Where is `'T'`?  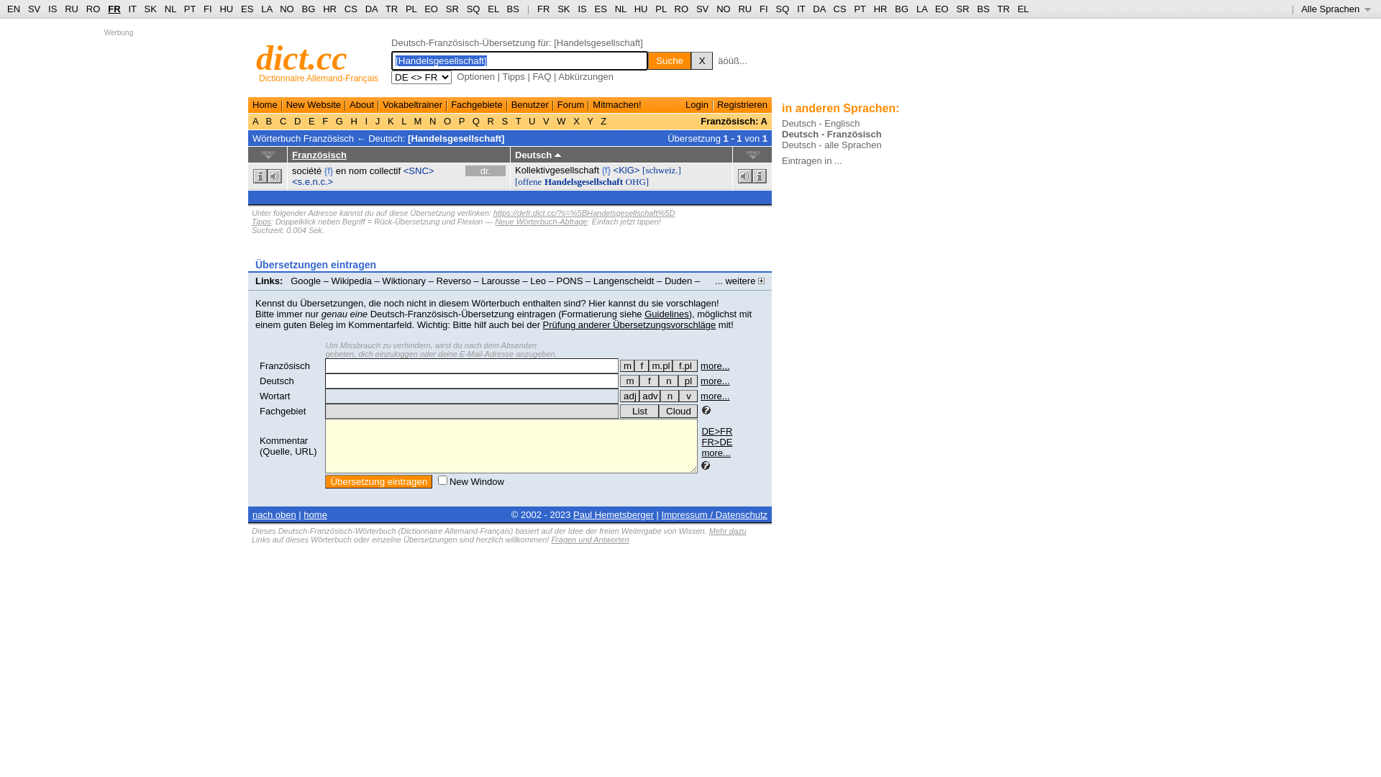 'T' is located at coordinates (518, 120).